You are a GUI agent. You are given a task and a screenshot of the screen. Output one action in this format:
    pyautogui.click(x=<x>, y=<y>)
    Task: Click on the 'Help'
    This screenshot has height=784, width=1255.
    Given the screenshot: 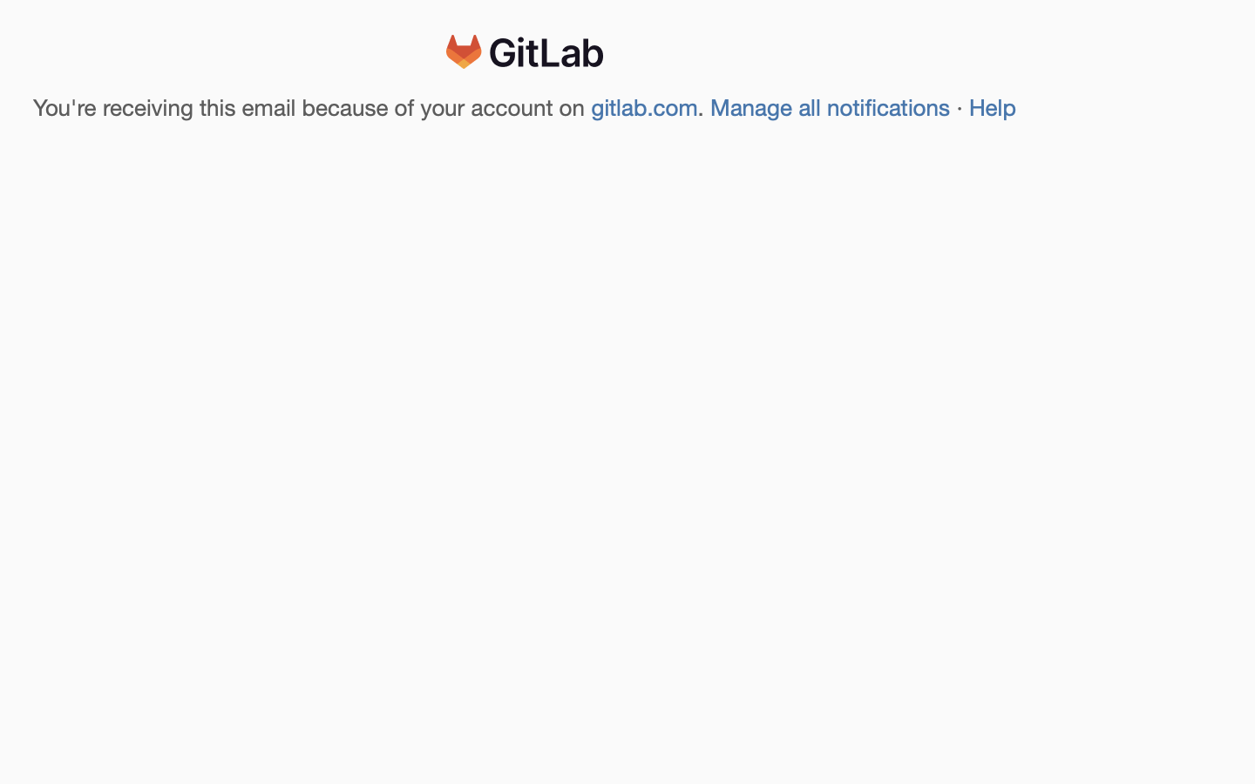 What is the action you would take?
    pyautogui.click(x=992, y=108)
    